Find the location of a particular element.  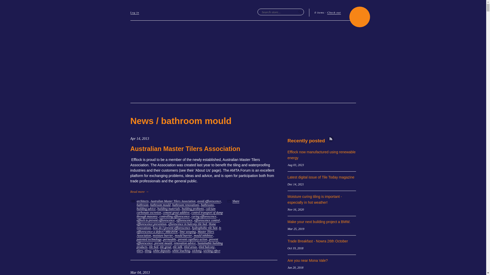

'Home renovations' is located at coordinates (176, 226).